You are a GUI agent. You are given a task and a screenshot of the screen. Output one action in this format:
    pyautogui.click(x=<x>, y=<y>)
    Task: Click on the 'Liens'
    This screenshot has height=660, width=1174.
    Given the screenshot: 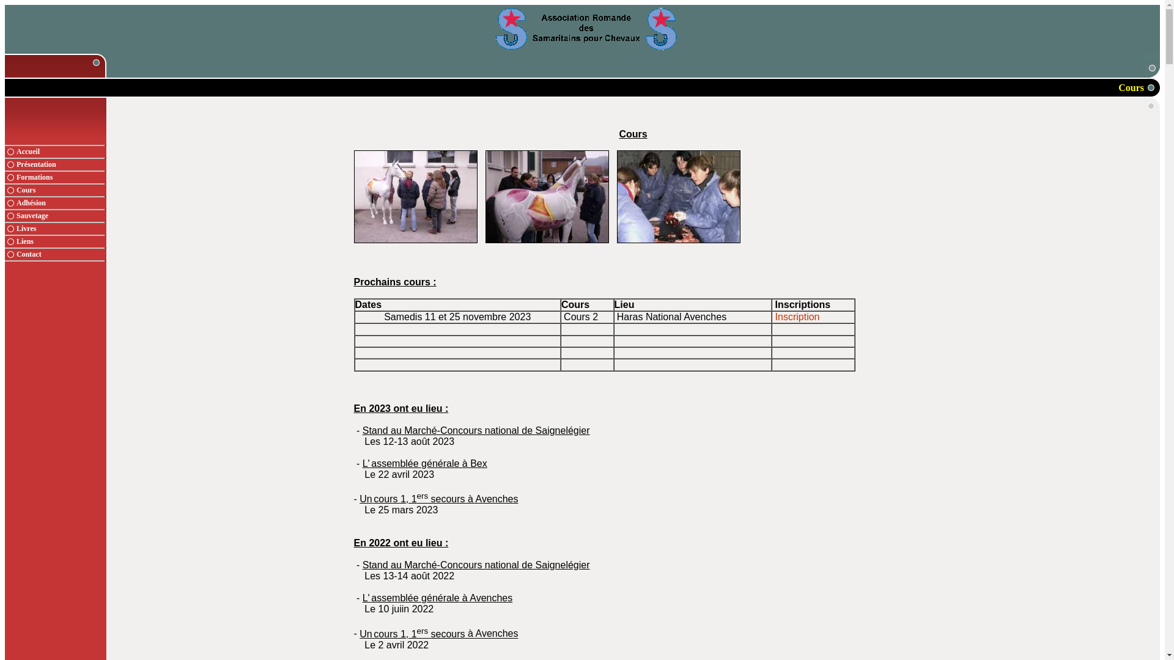 What is the action you would take?
    pyautogui.click(x=17, y=241)
    